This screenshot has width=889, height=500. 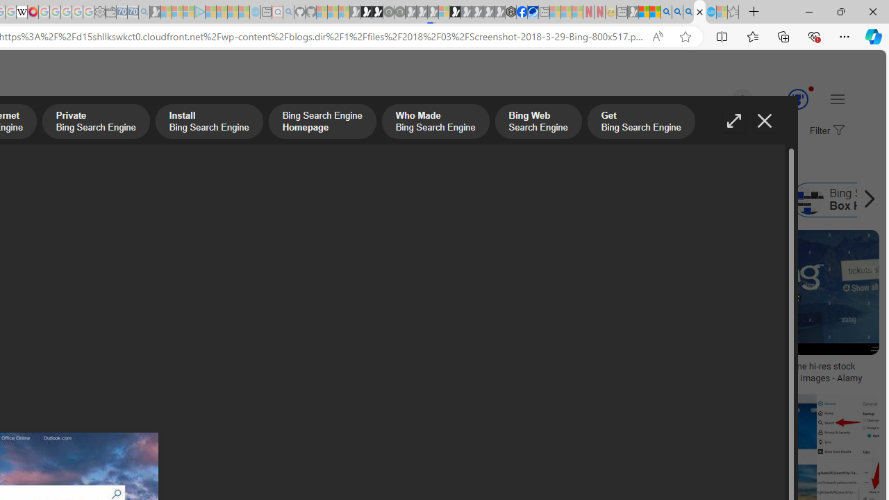 What do you see at coordinates (532, 12) in the screenshot?
I see `'AirNow.gov'` at bounding box center [532, 12].